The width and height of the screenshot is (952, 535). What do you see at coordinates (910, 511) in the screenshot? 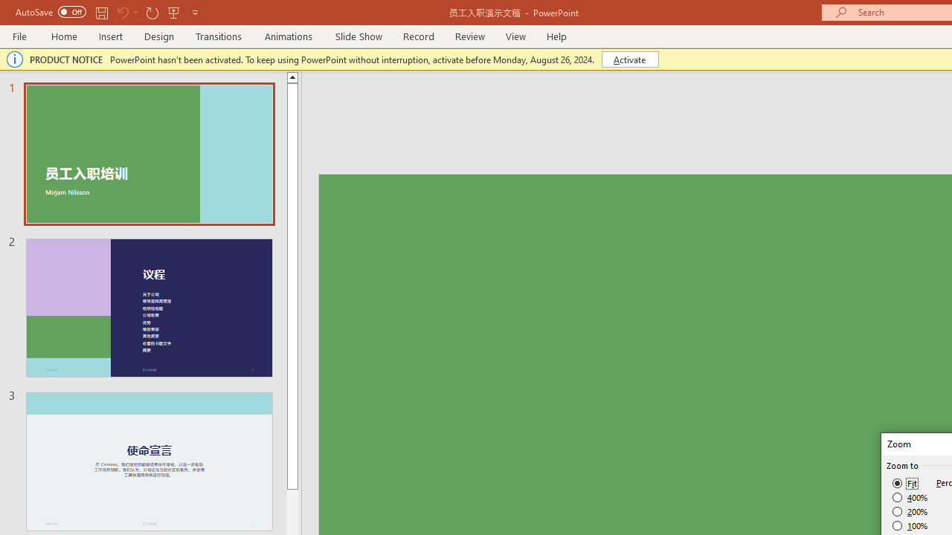
I see `'200%'` at bounding box center [910, 511].